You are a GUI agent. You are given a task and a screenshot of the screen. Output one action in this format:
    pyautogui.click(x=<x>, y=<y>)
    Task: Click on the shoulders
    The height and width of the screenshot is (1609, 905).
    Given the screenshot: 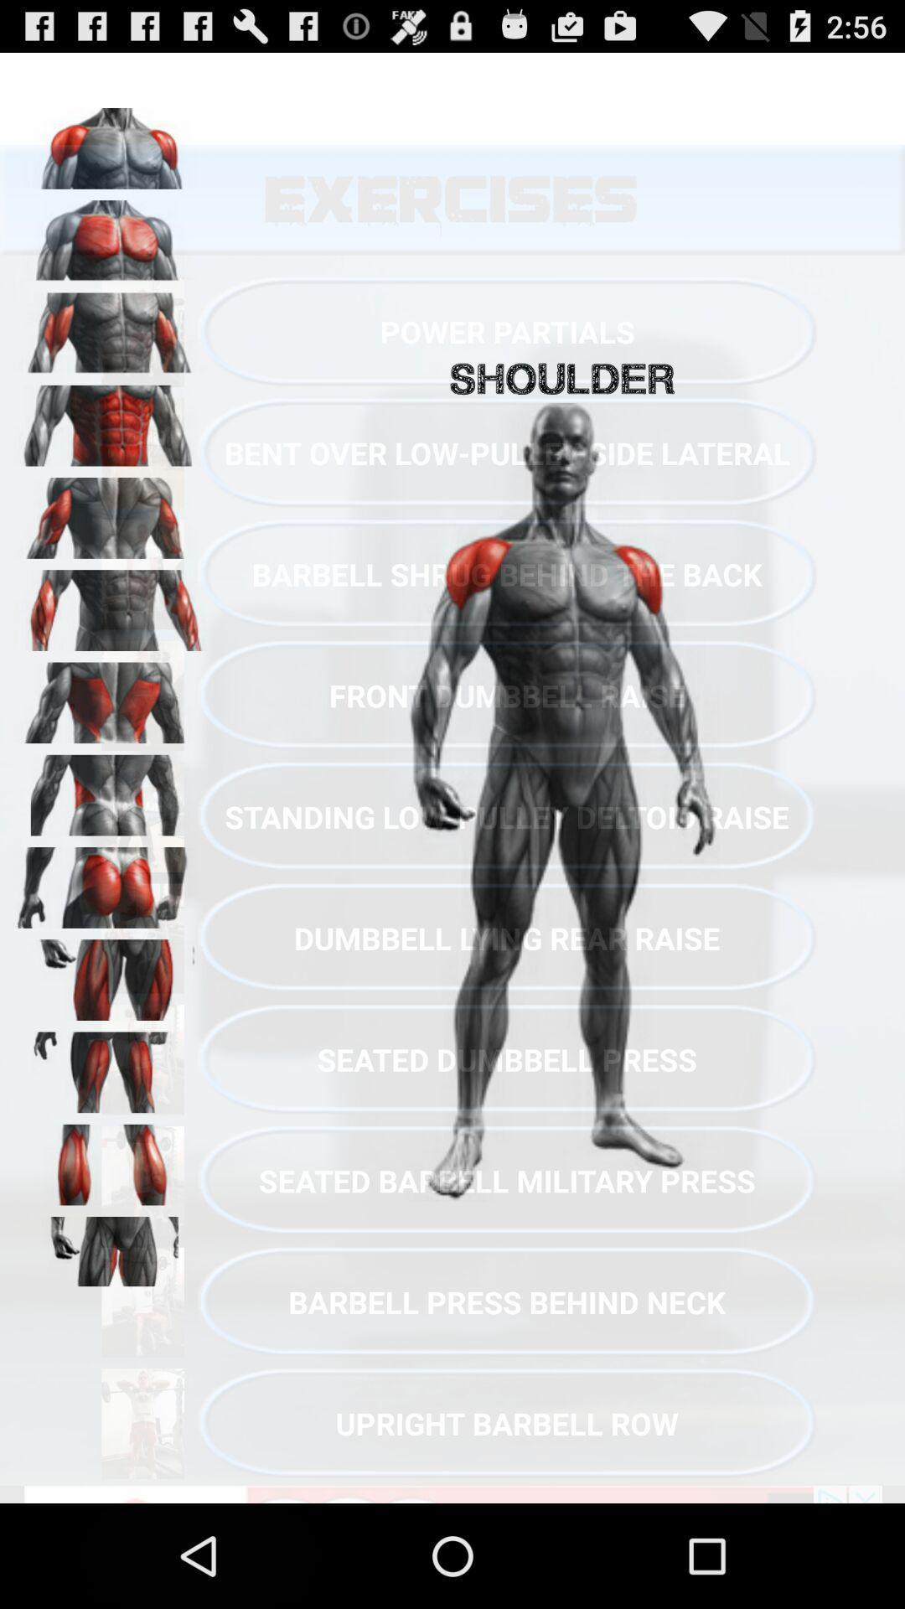 What is the action you would take?
    pyautogui.click(x=110, y=142)
    